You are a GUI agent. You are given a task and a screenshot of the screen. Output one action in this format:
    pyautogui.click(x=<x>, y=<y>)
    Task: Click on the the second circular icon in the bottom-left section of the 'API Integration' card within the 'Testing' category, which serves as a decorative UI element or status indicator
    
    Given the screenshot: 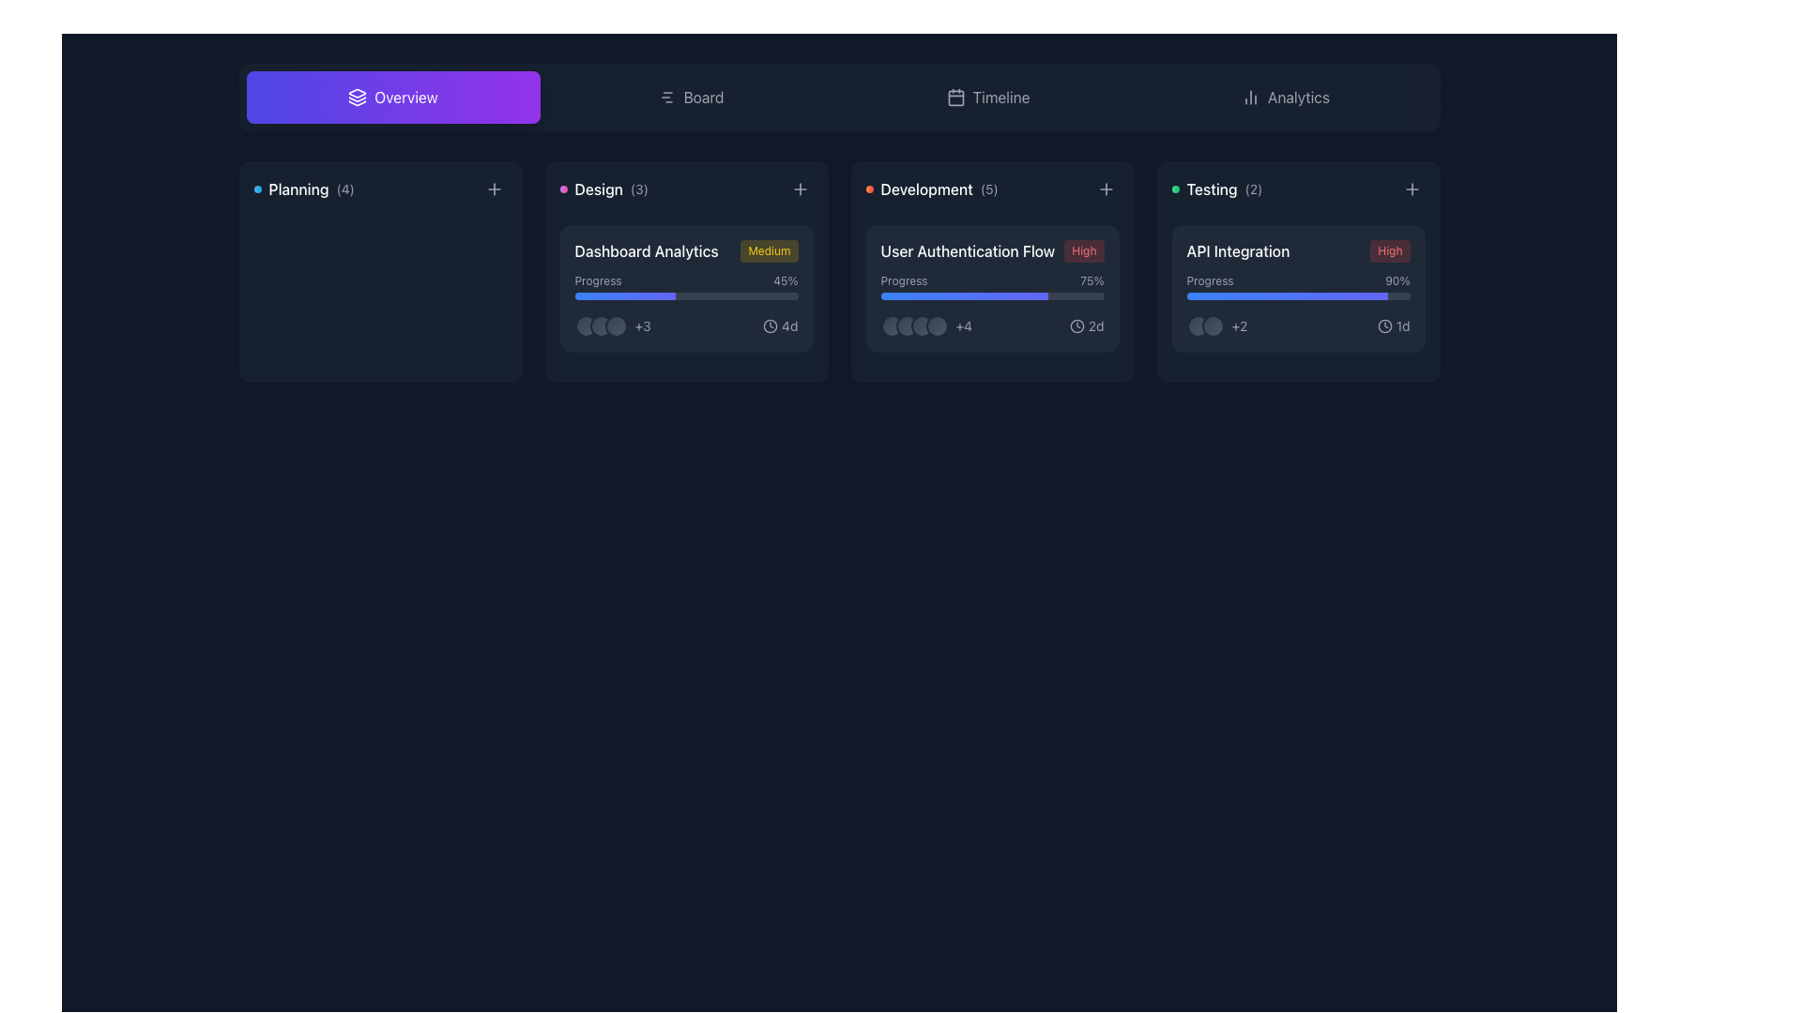 What is the action you would take?
    pyautogui.click(x=1213, y=325)
    